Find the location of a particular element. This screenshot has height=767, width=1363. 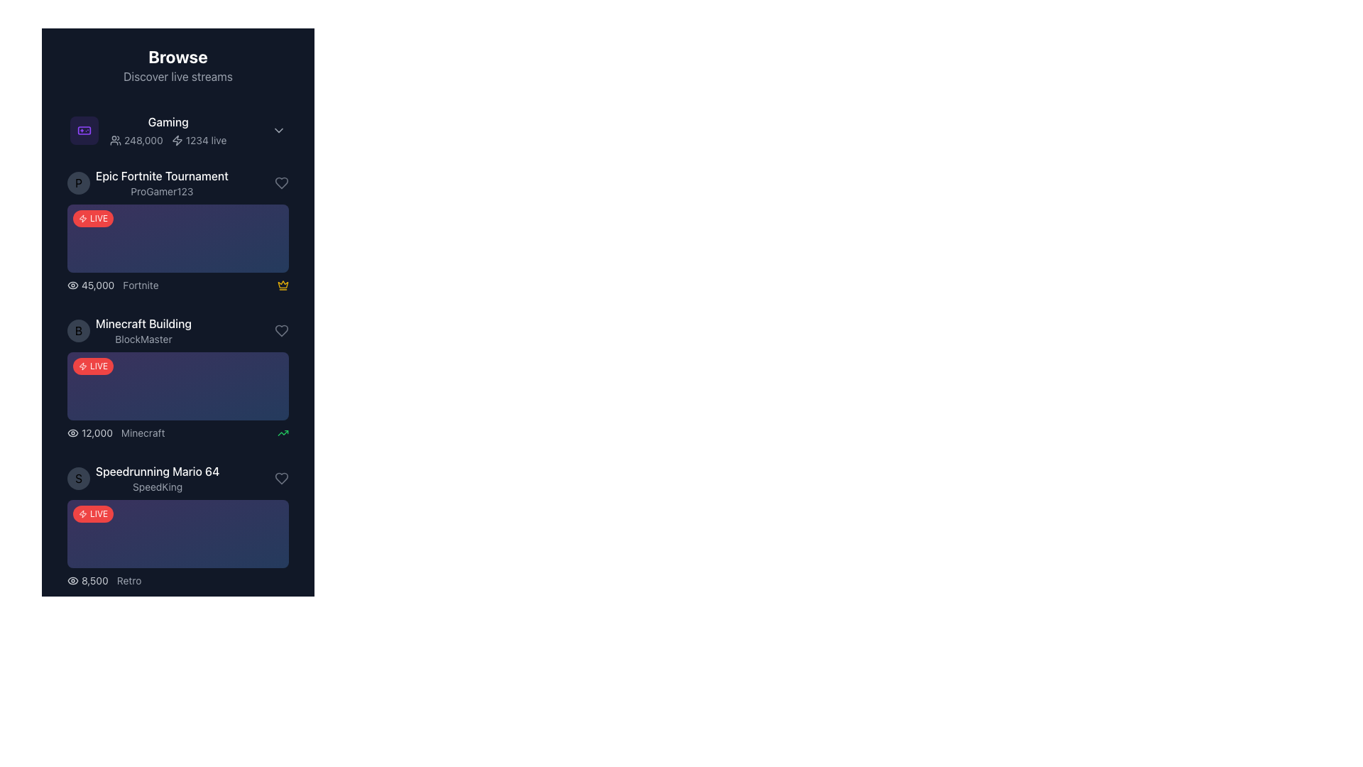

the text label displaying 'Epic Fortnite Tournament', which is styled with a white font on a dark background and positioned above the username 'ProGamer123' is located at coordinates (162, 175).